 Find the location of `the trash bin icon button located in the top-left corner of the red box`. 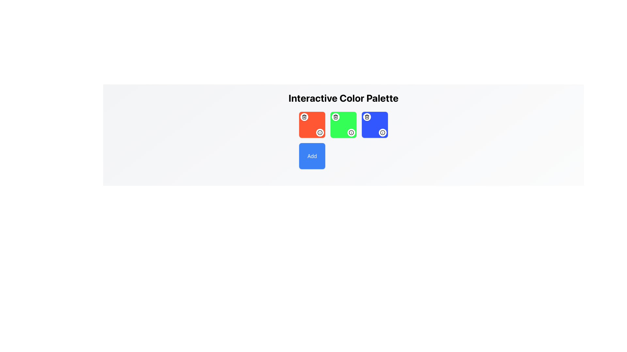

the trash bin icon button located in the top-left corner of the red box is located at coordinates (304, 116).